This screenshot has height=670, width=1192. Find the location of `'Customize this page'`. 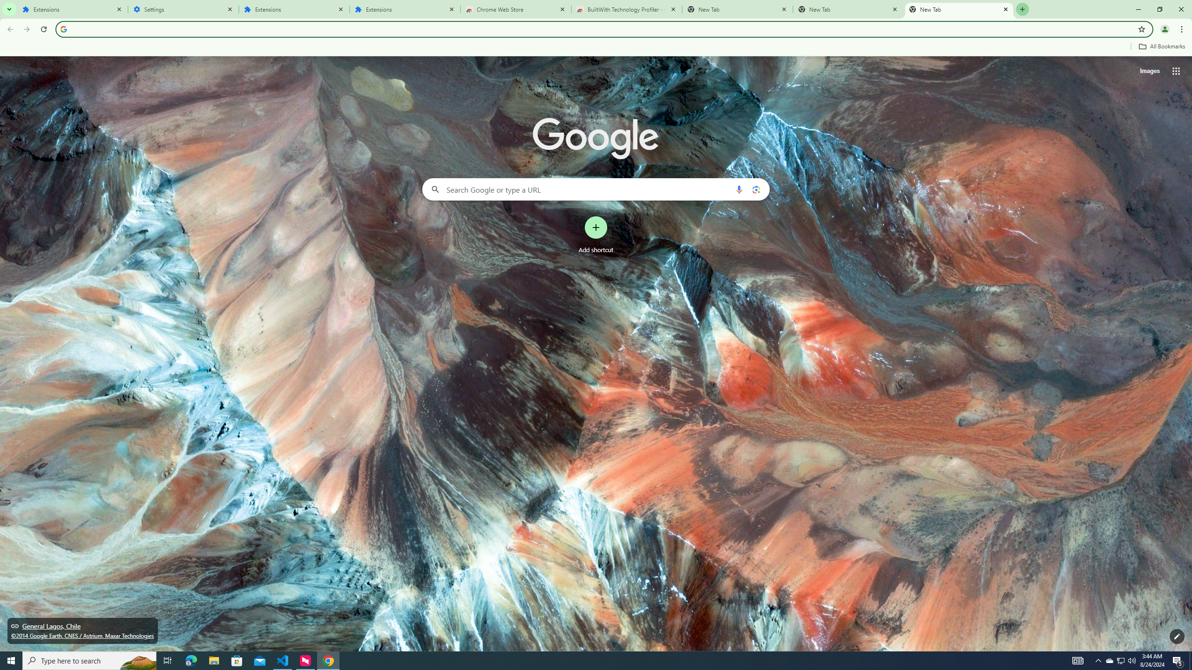

'Customize this page' is located at coordinates (1177, 636).